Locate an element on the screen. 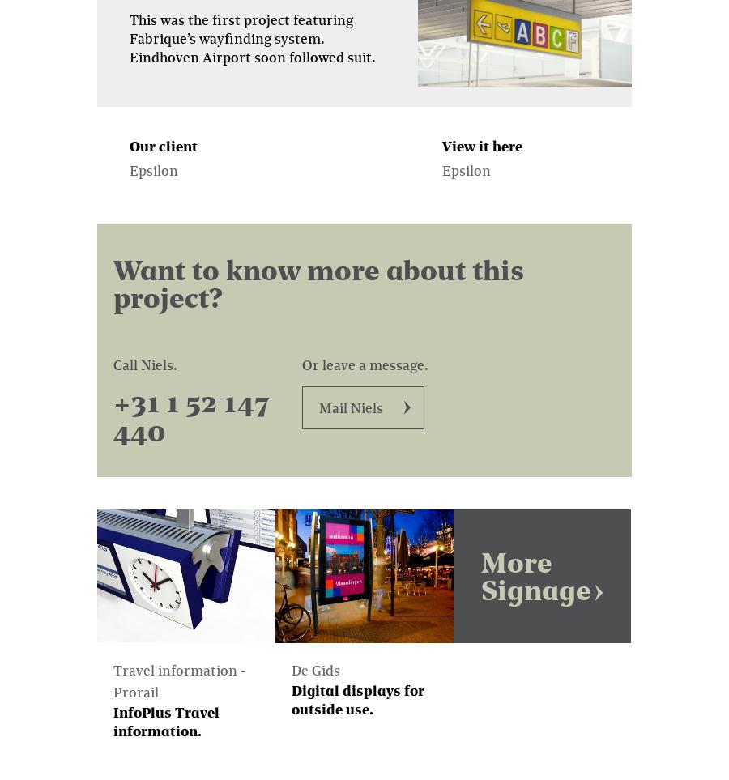  'Digital displays for outside use.' is located at coordinates (357, 698).